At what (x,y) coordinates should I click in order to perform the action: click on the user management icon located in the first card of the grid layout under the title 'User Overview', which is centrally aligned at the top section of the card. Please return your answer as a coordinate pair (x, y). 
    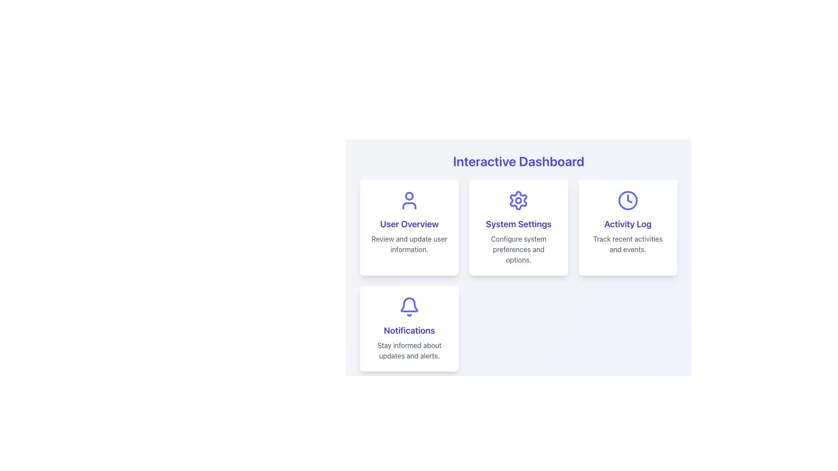
    Looking at the image, I should click on (409, 200).